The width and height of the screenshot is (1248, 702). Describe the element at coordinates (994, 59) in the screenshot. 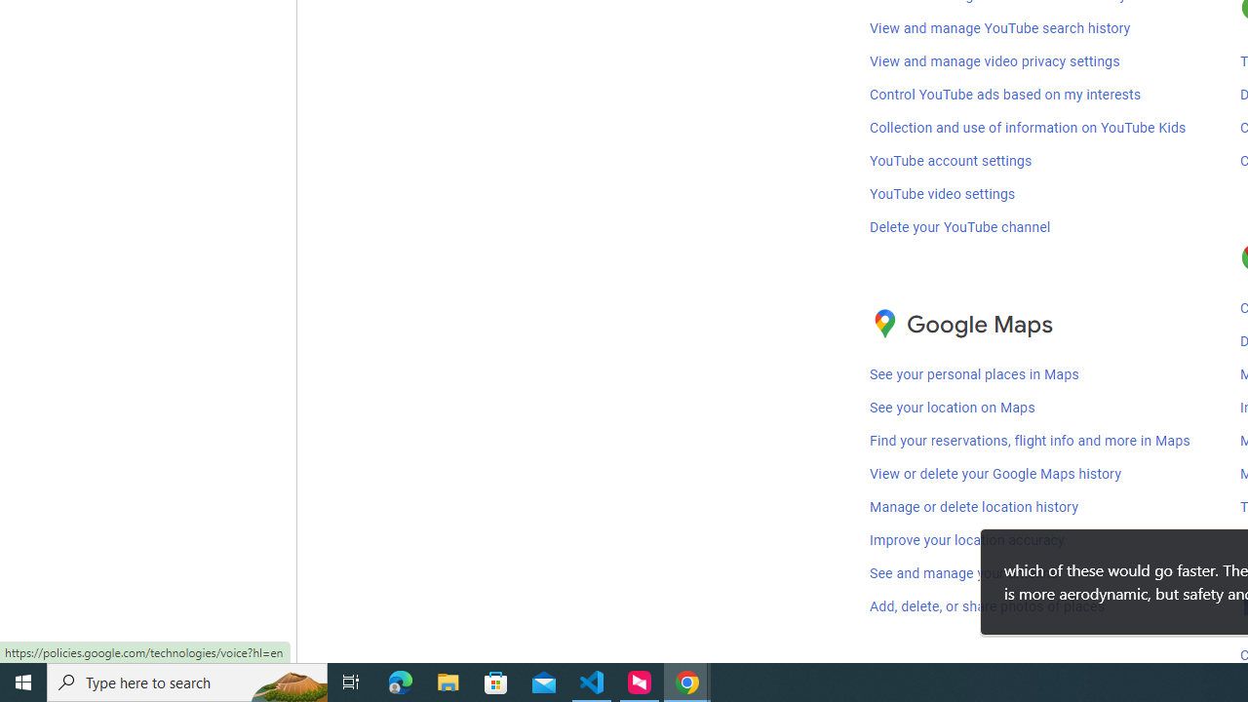

I see `'View and manage video privacy settings'` at that location.